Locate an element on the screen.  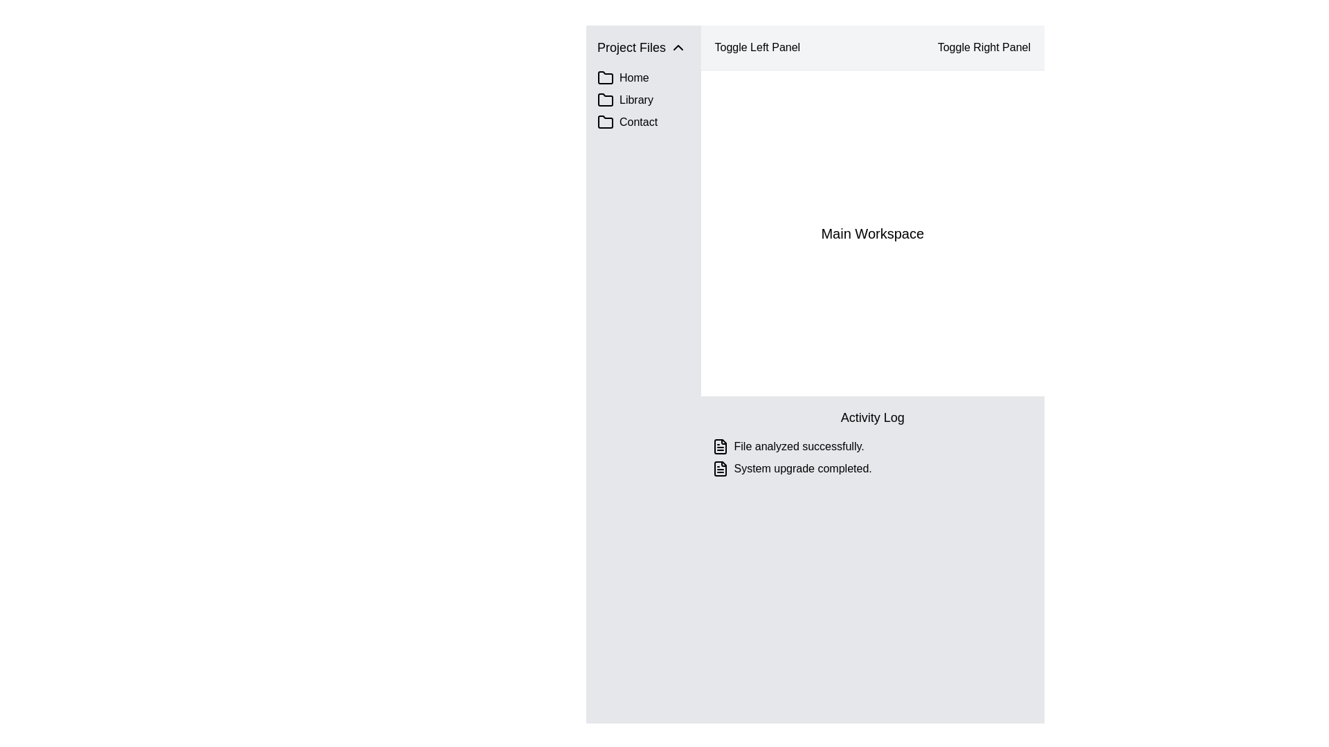
the Chevron icon (toggle button) located to the right of the text 'Project Files' to potentially see a tooltip is located at coordinates (678, 47).